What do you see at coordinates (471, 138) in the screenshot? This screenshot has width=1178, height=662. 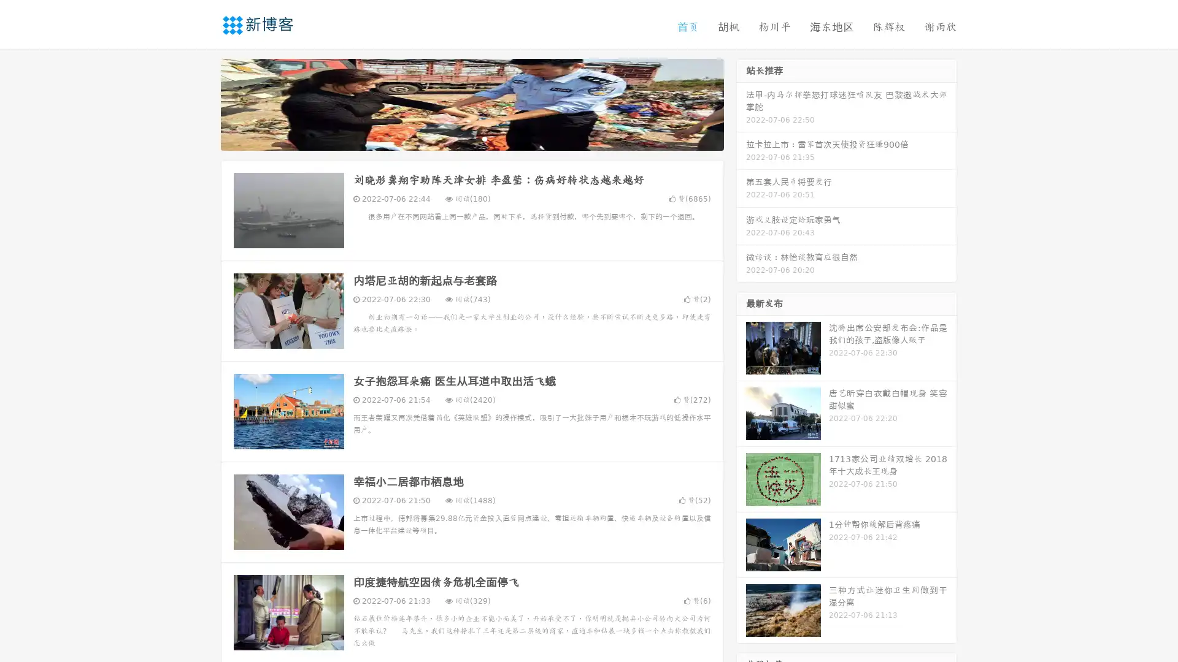 I see `Go to slide 2` at bounding box center [471, 138].